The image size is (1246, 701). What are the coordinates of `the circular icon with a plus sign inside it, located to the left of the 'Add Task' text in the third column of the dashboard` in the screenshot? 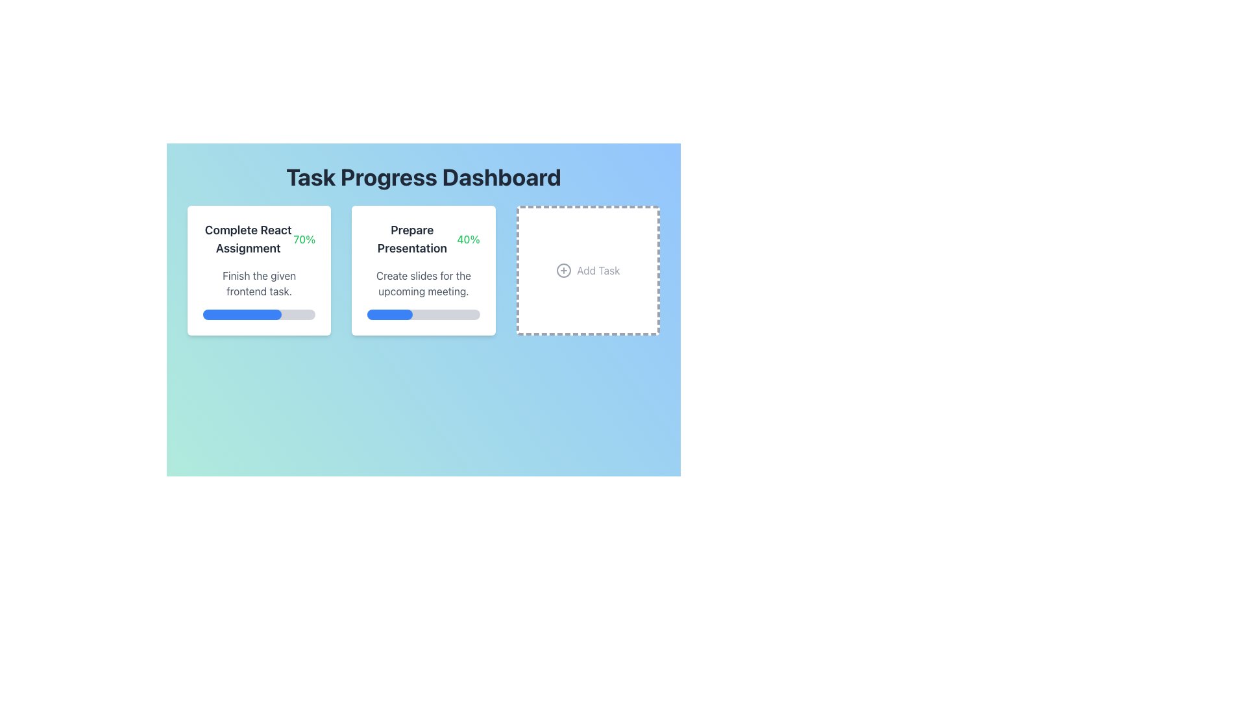 It's located at (564, 269).